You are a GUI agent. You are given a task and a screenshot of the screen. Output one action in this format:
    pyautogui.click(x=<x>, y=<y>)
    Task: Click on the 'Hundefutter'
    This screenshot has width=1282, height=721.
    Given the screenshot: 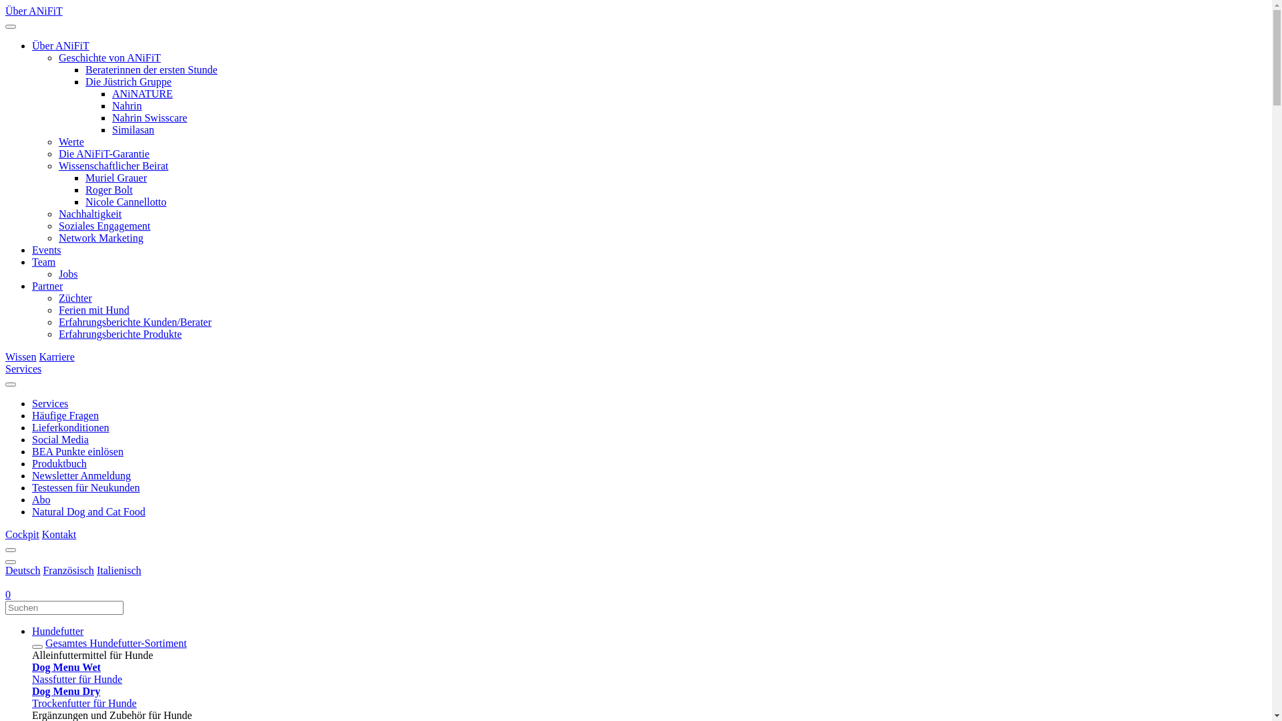 What is the action you would take?
    pyautogui.click(x=32, y=631)
    